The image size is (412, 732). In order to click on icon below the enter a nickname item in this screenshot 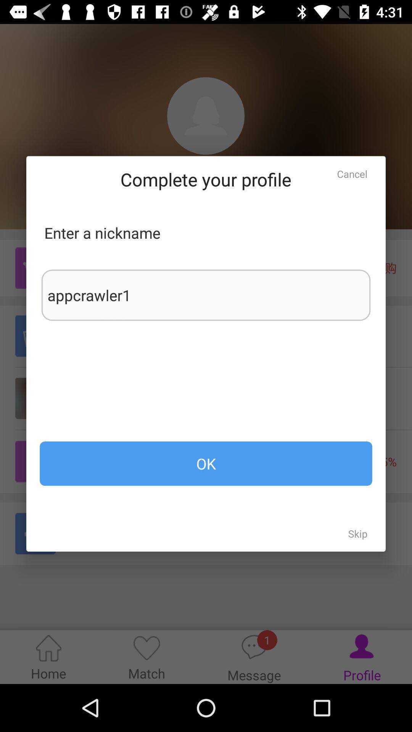, I will do `click(206, 295)`.